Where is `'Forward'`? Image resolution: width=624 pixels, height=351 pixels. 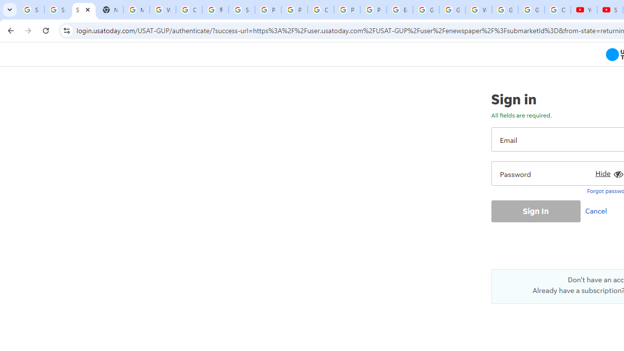 'Forward' is located at coordinates (28, 30).